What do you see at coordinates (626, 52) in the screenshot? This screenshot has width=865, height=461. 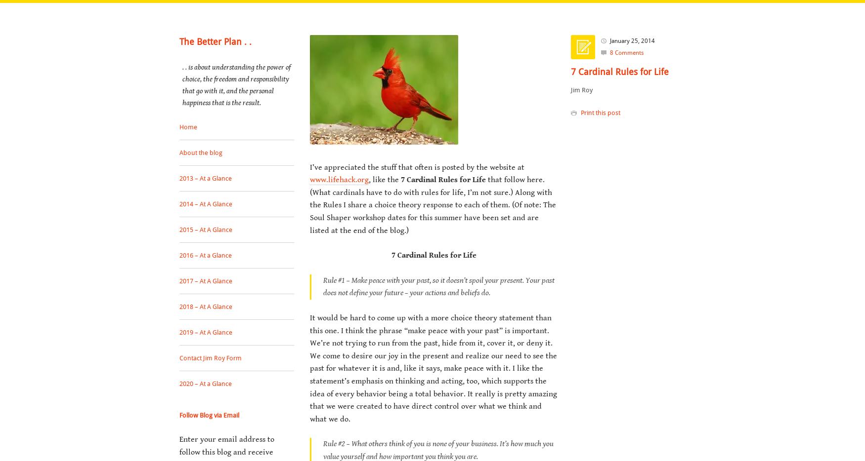 I see `'8 Comments'` at bounding box center [626, 52].